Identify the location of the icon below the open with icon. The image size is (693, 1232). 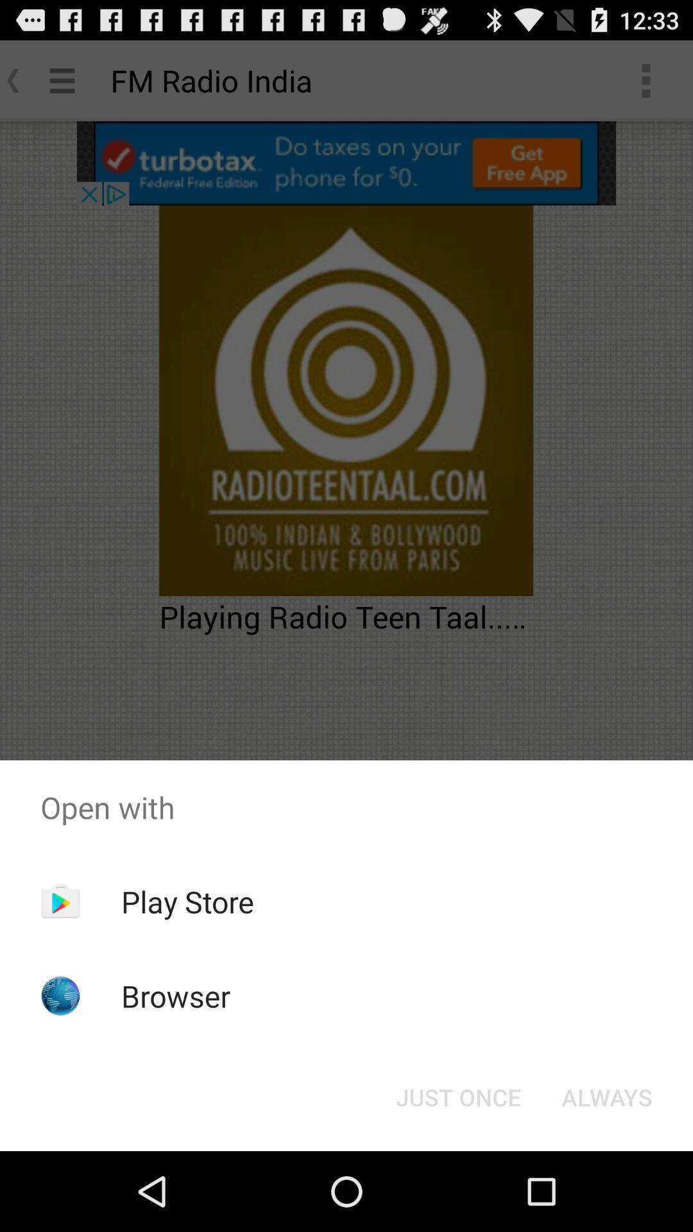
(606, 1096).